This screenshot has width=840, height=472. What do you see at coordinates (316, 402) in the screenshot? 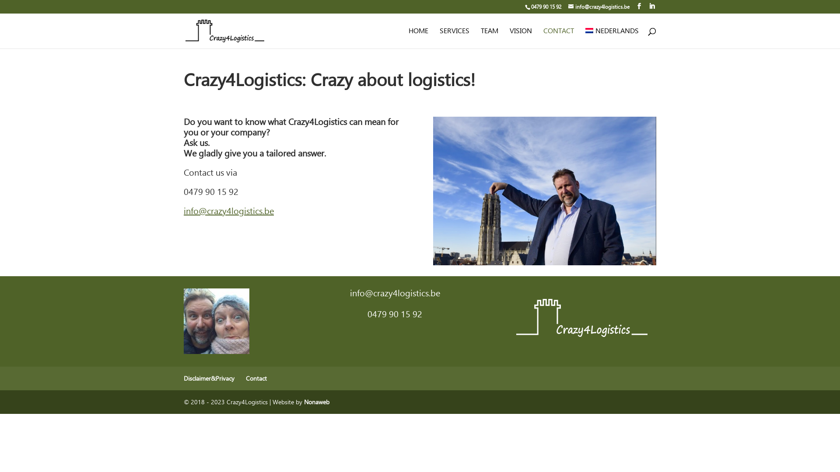
I see `'Nonaweb'` at bounding box center [316, 402].